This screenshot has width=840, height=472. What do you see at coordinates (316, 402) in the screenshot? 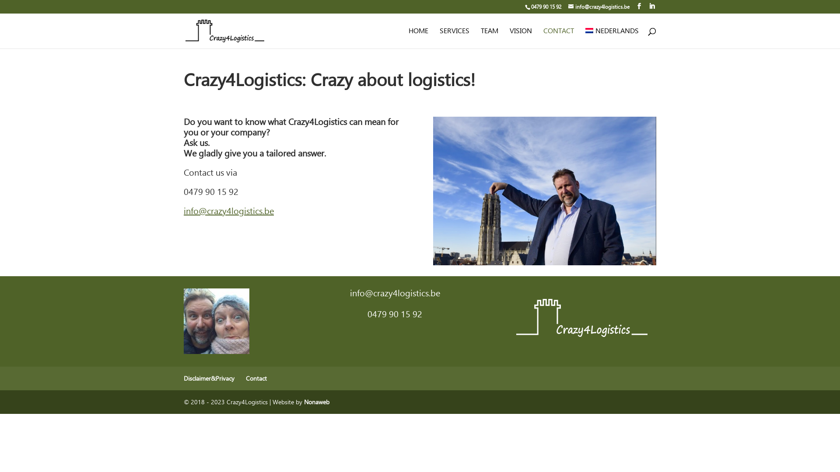
I see `'Nonaweb'` at bounding box center [316, 402].